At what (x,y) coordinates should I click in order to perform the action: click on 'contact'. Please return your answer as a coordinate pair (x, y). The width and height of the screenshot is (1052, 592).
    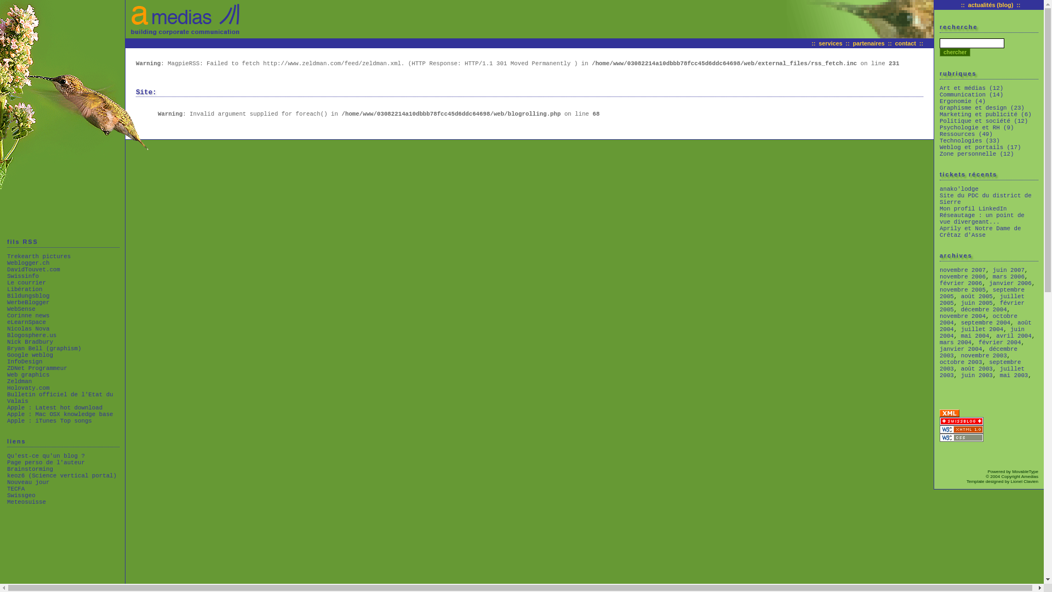
    Looking at the image, I should click on (905, 42).